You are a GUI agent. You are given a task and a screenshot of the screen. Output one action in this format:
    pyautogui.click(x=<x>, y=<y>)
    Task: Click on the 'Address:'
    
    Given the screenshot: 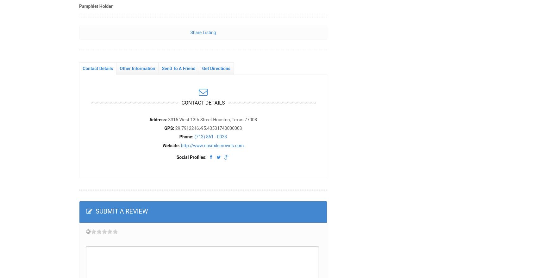 What is the action you would take?
    pyautogui.click(x=158, y=119)
    